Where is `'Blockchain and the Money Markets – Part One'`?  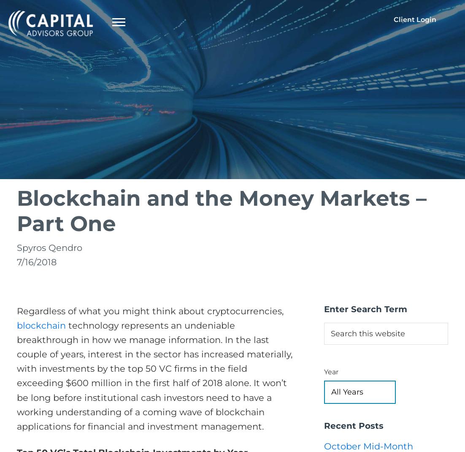 'Blockchain and the Money Markets – Part One' is located at coordinates (222, 210).